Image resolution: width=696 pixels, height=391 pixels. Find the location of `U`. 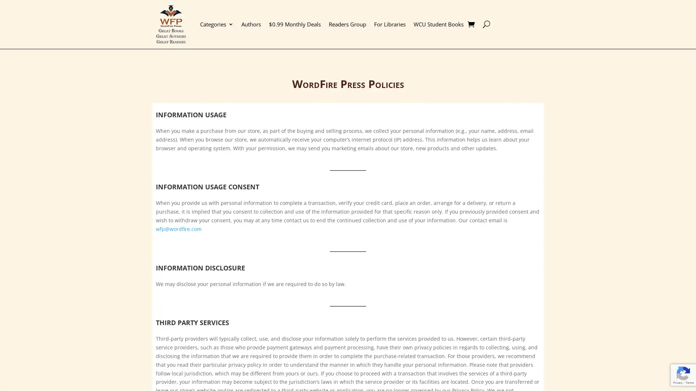

U is located at coordinates (486, 24).